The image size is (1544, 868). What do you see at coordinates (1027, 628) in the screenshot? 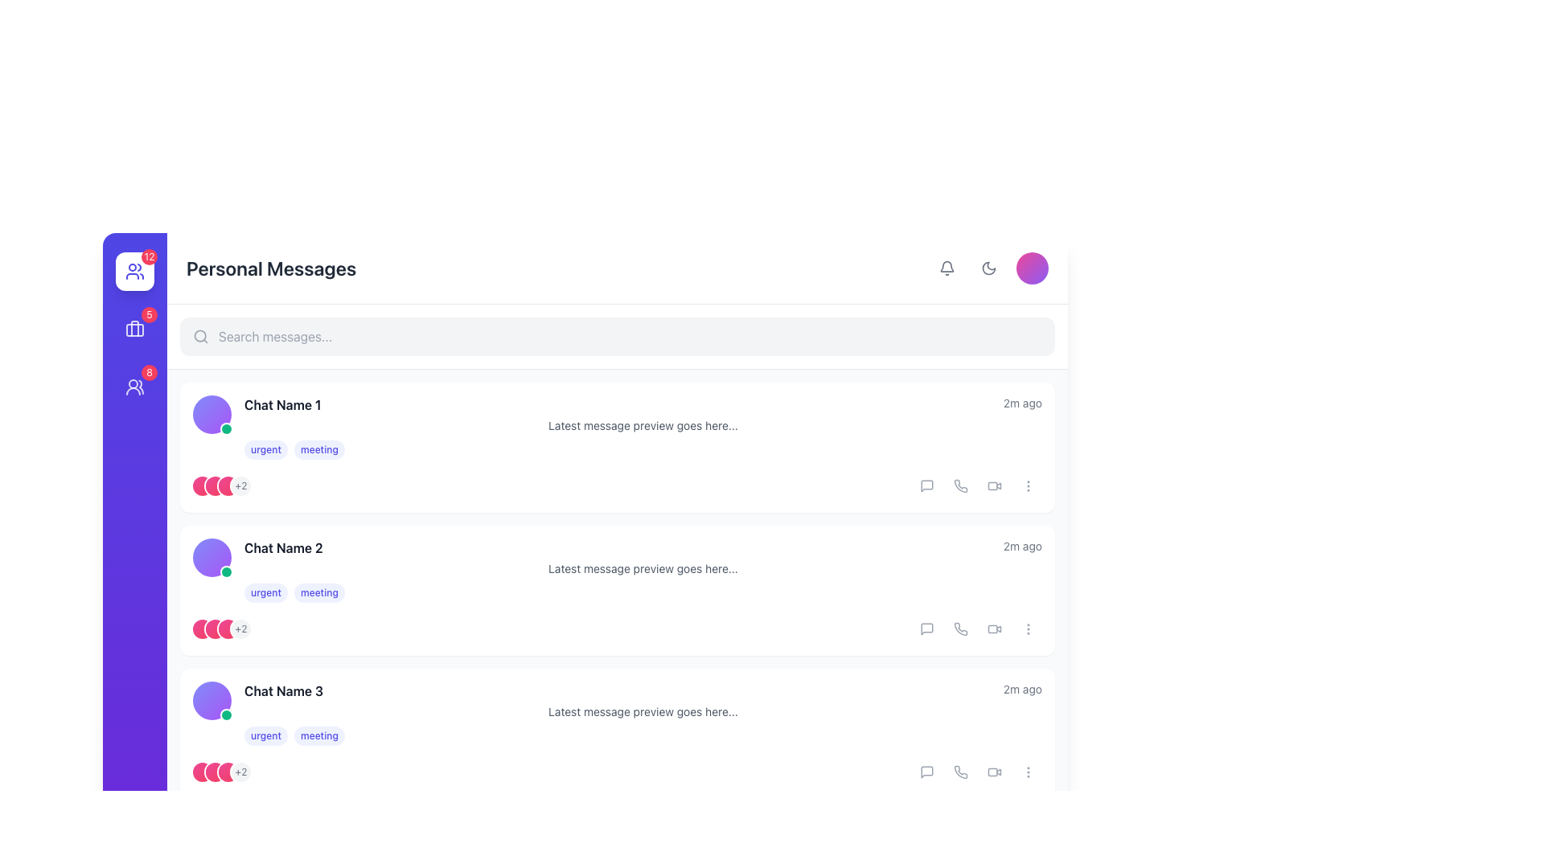
I see `the icon located at the far-right of the chat card` at bounding box center [1027, 628].